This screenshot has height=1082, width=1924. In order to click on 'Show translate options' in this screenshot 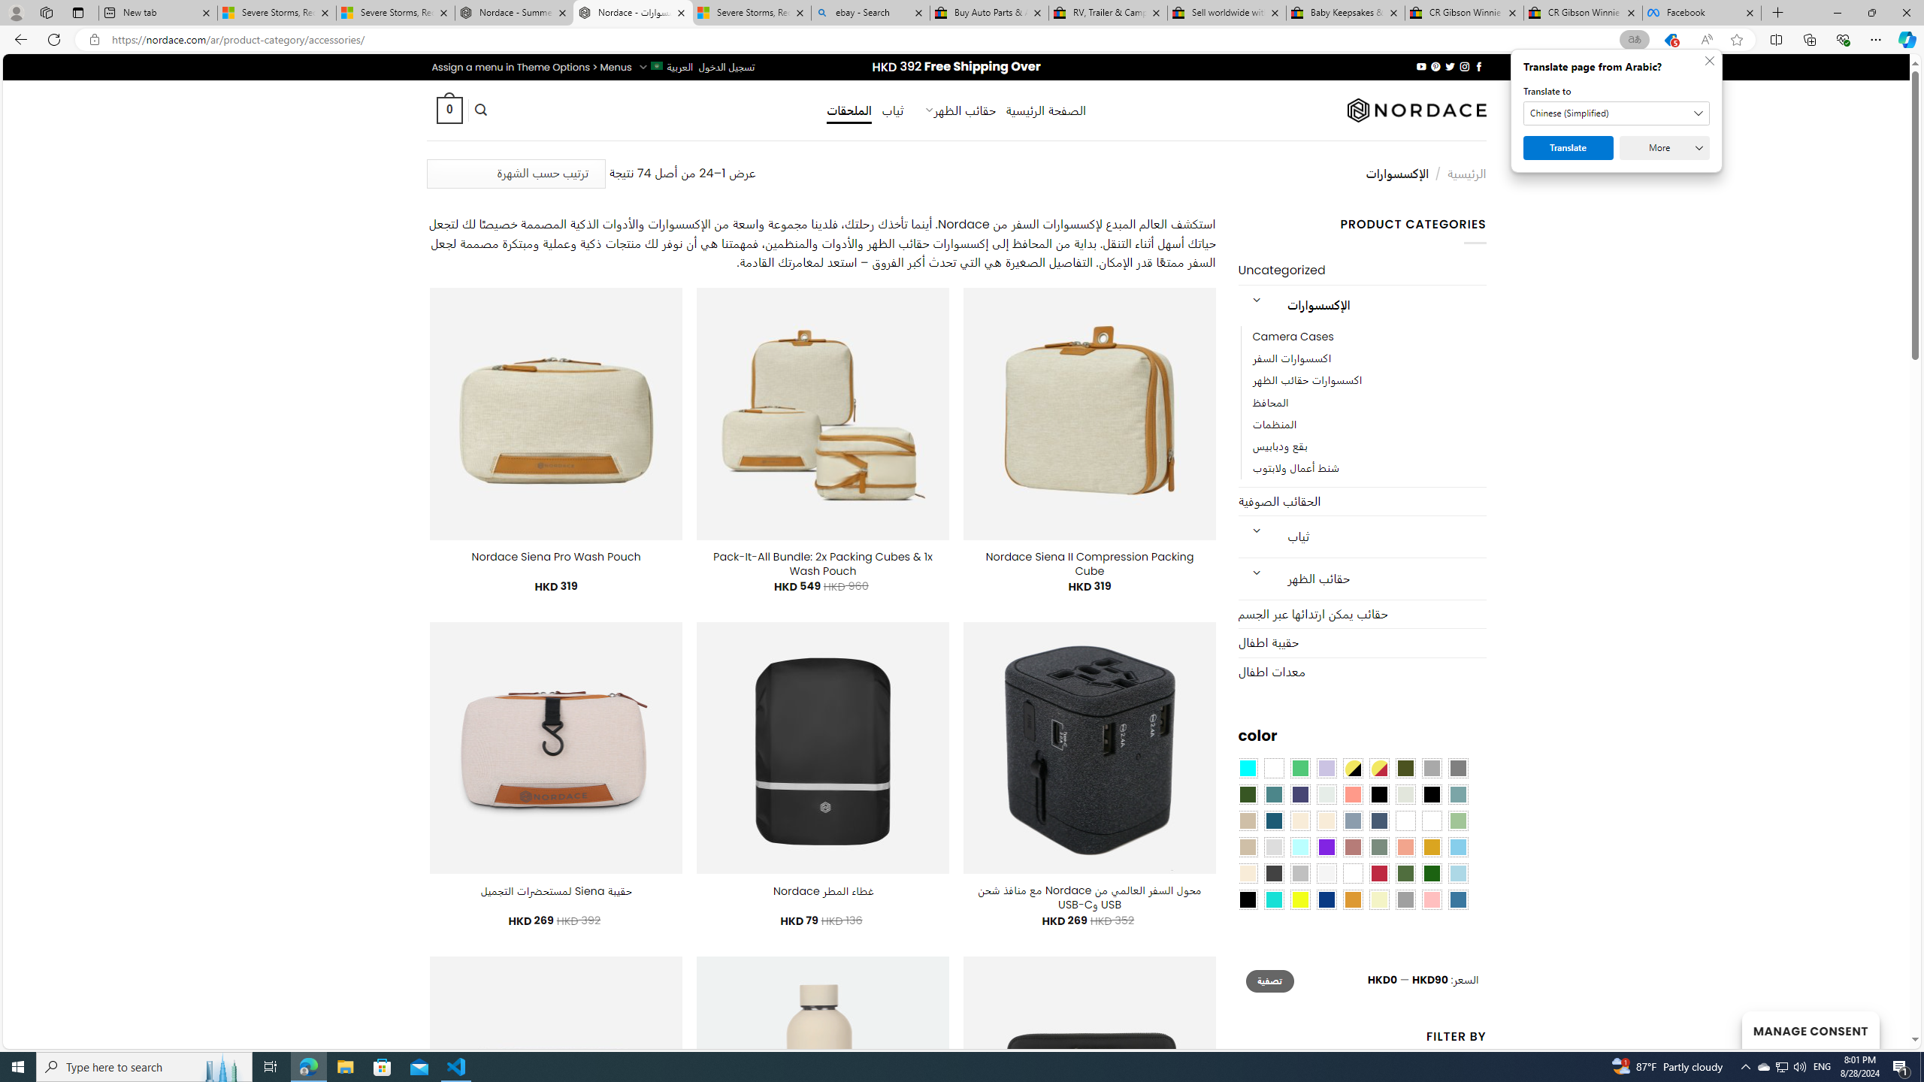, I will do `click(1633, 40)`.